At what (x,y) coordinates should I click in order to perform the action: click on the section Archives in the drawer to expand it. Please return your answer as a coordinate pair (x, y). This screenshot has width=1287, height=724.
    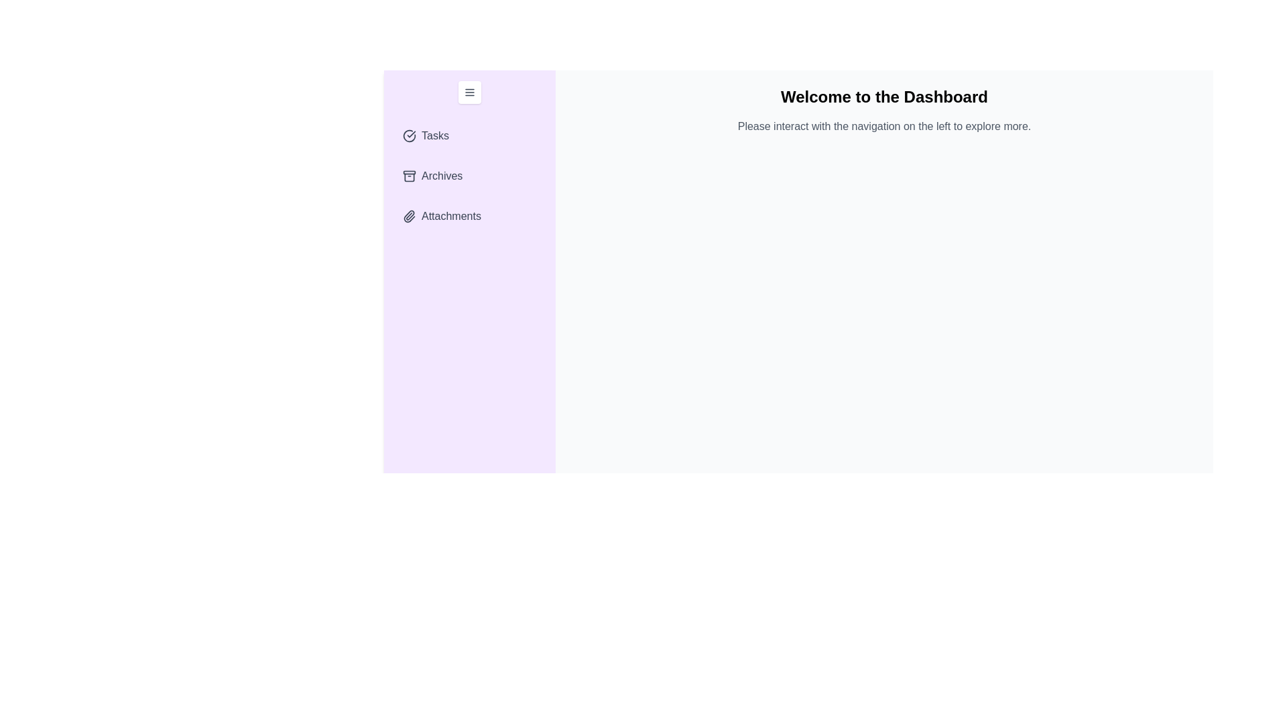
    Looking at the image, I should click on (469, 175).